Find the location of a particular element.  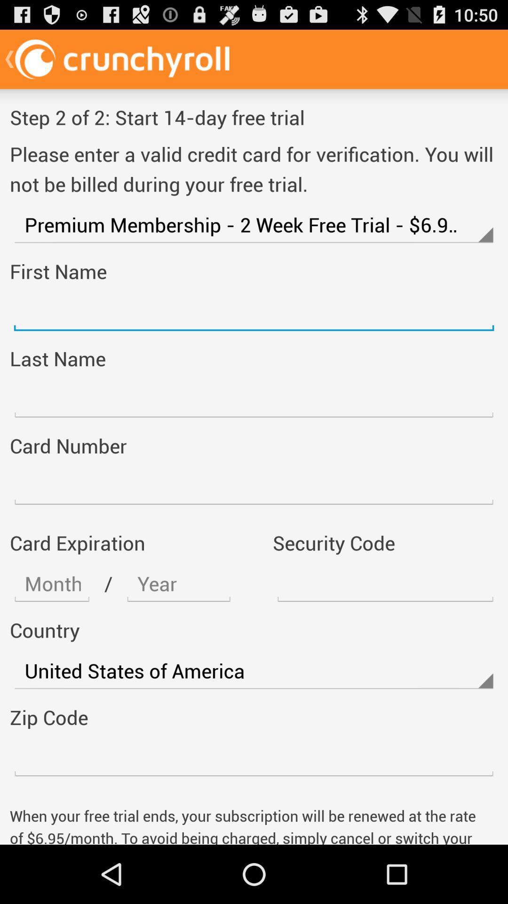

address page is located at coordinates (254, 758).